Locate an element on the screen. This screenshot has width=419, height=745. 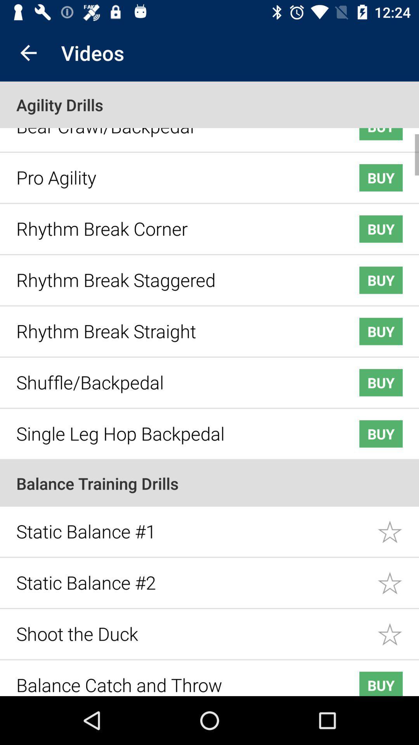
icon next to buy is located at coordinates (175, 171).